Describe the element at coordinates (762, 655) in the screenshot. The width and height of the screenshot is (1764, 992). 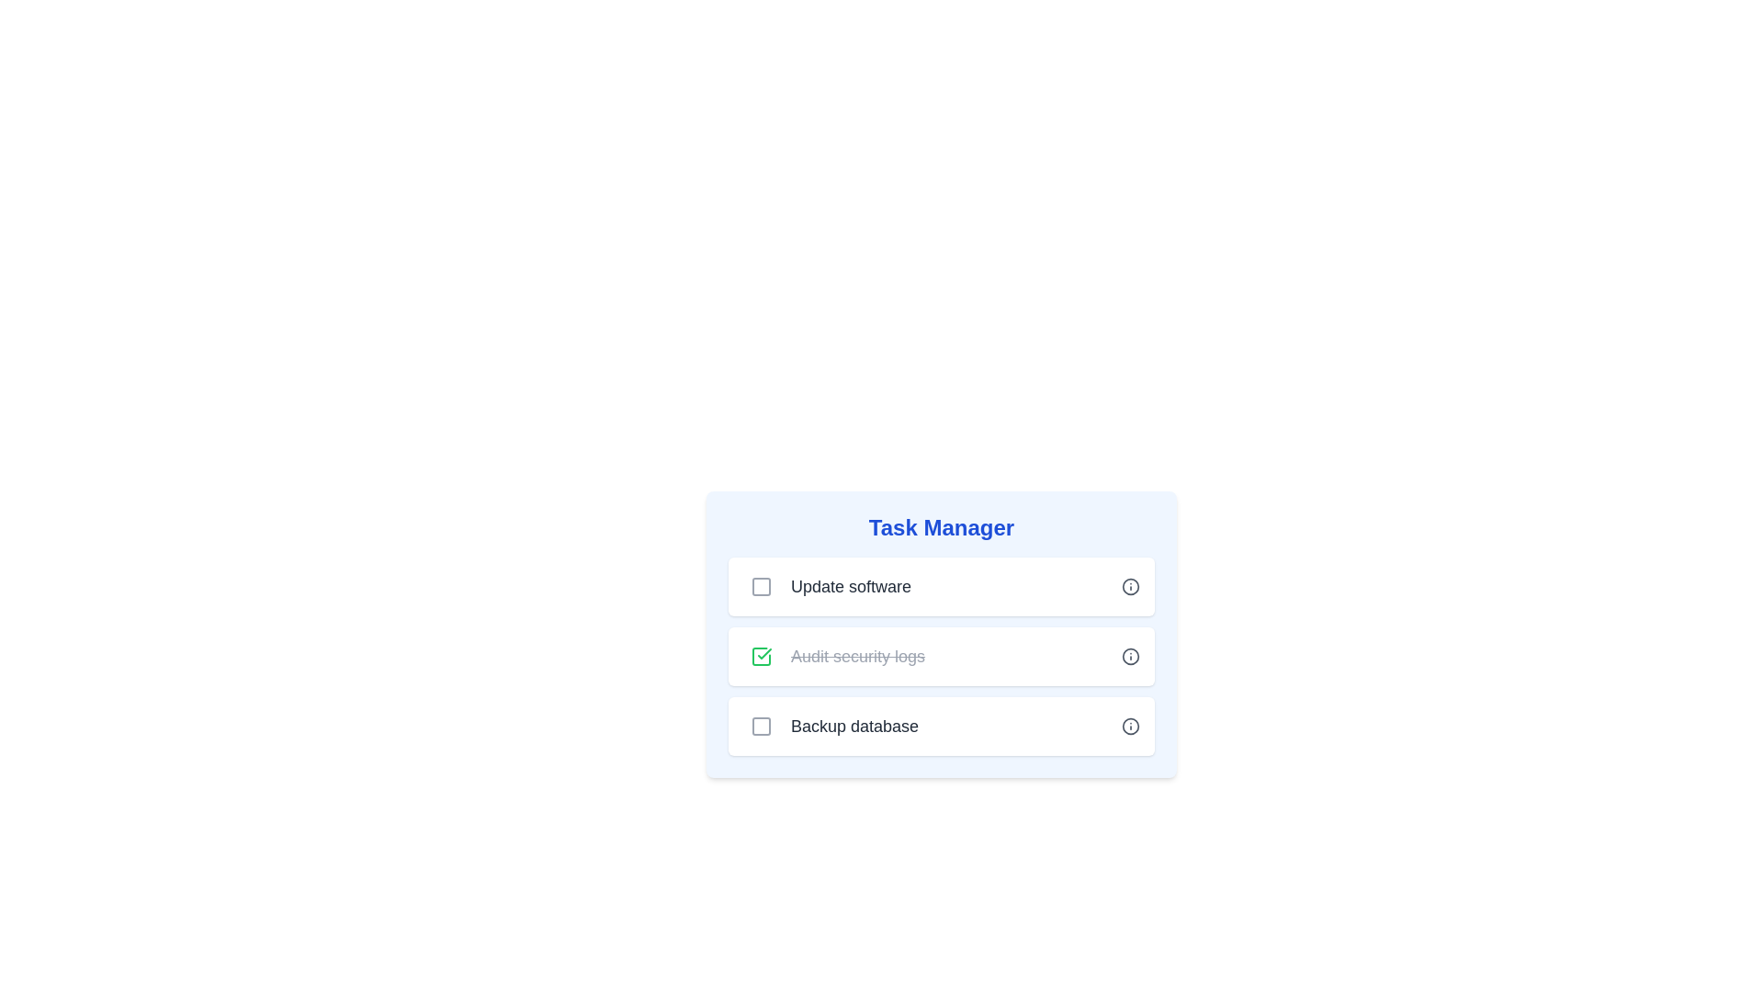
I see `the green checkbox icon next to the grayed 'Audit security logs' text` at that location.